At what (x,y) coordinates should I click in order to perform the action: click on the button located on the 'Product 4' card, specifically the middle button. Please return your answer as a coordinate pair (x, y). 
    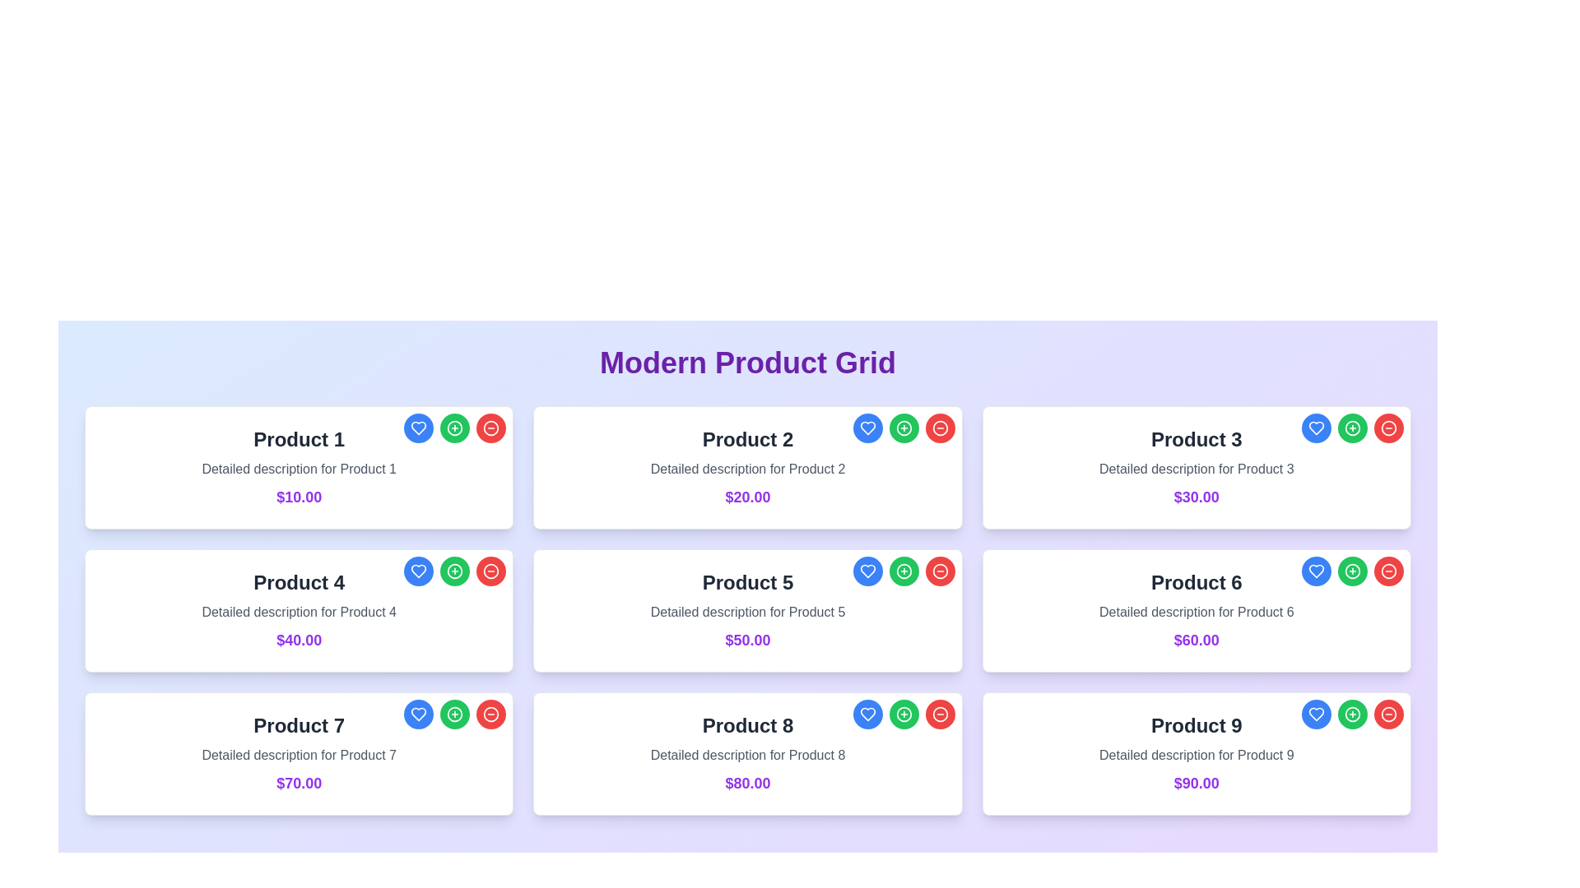
    Looking at the image, I should click on (455, 570).